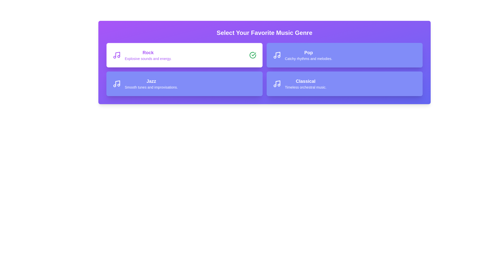  I want to click on the purple musical note SVG icon located on the left side of the card labeled 'Rock' in the top-left quadrant of the card grid, so click(116, 55).